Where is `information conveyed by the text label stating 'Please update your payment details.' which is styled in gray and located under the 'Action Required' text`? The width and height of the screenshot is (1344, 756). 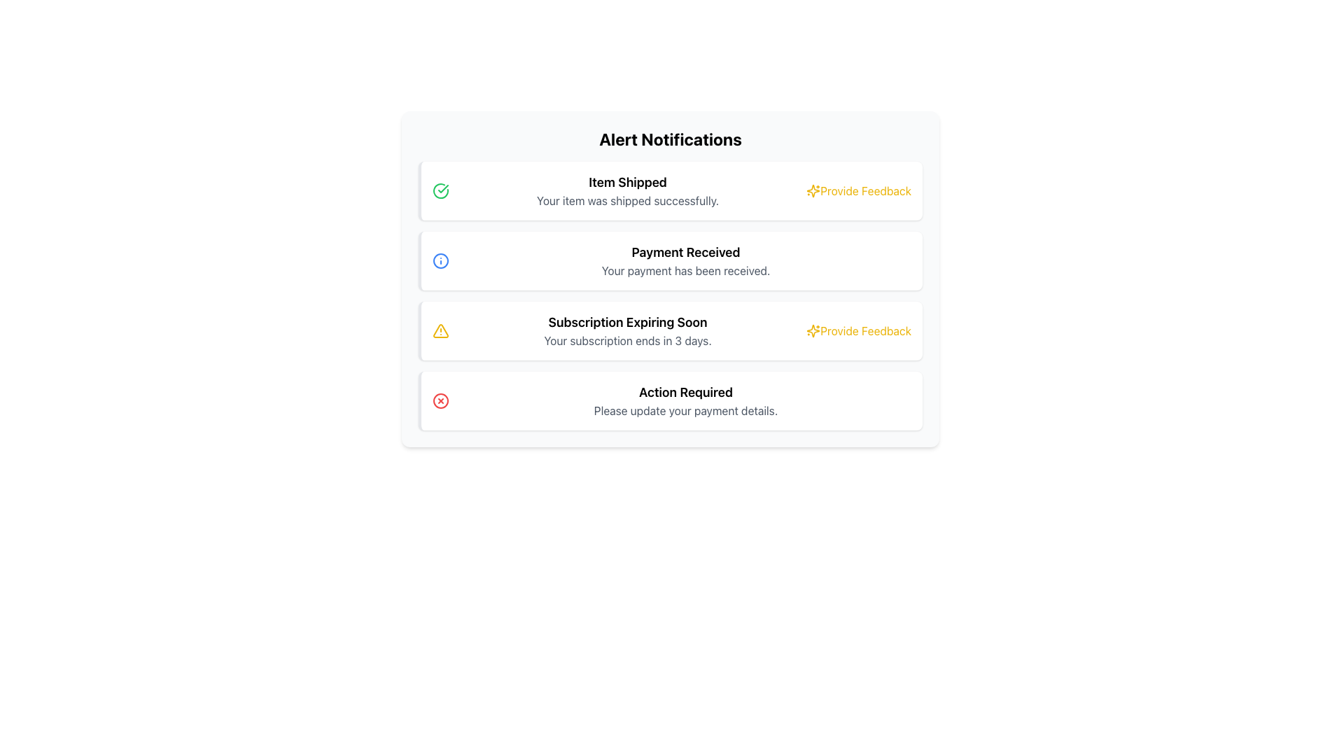 information conveyed by the text label stating 'Please update your payment details.' which is styled in gray and located under the 'Action Required' text is located at coordinates (685, 409).